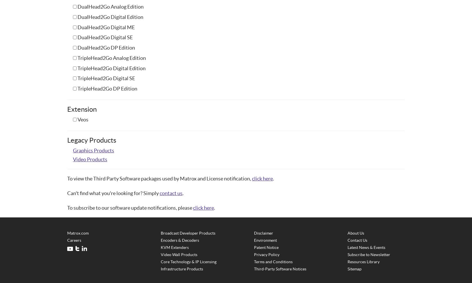 The height and width of the screenshot is (283, 472). I want to click on 'Subscribe to Newsletter', so click(368, 254).